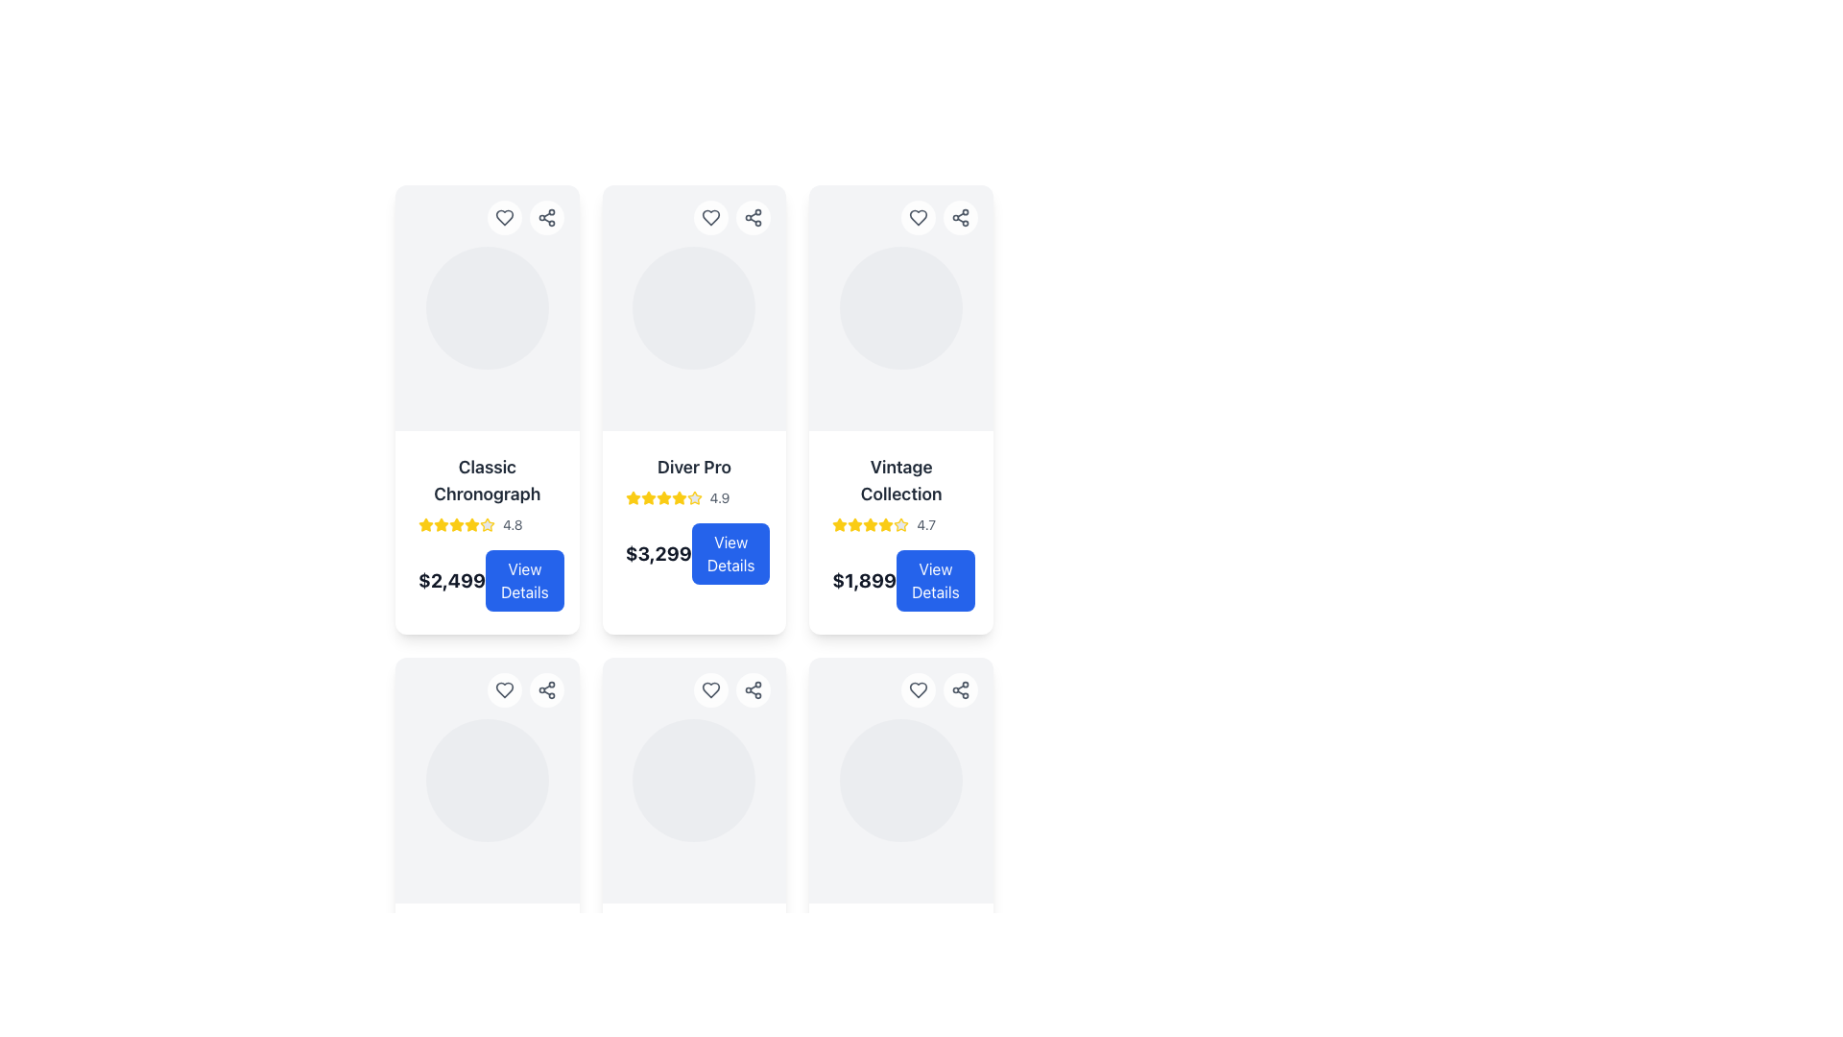  Describe the element at coordinates (730, 554) in the screenshot. I see `the prominent blue button labeled 'View Details' to trigger its visual style change` at that location.